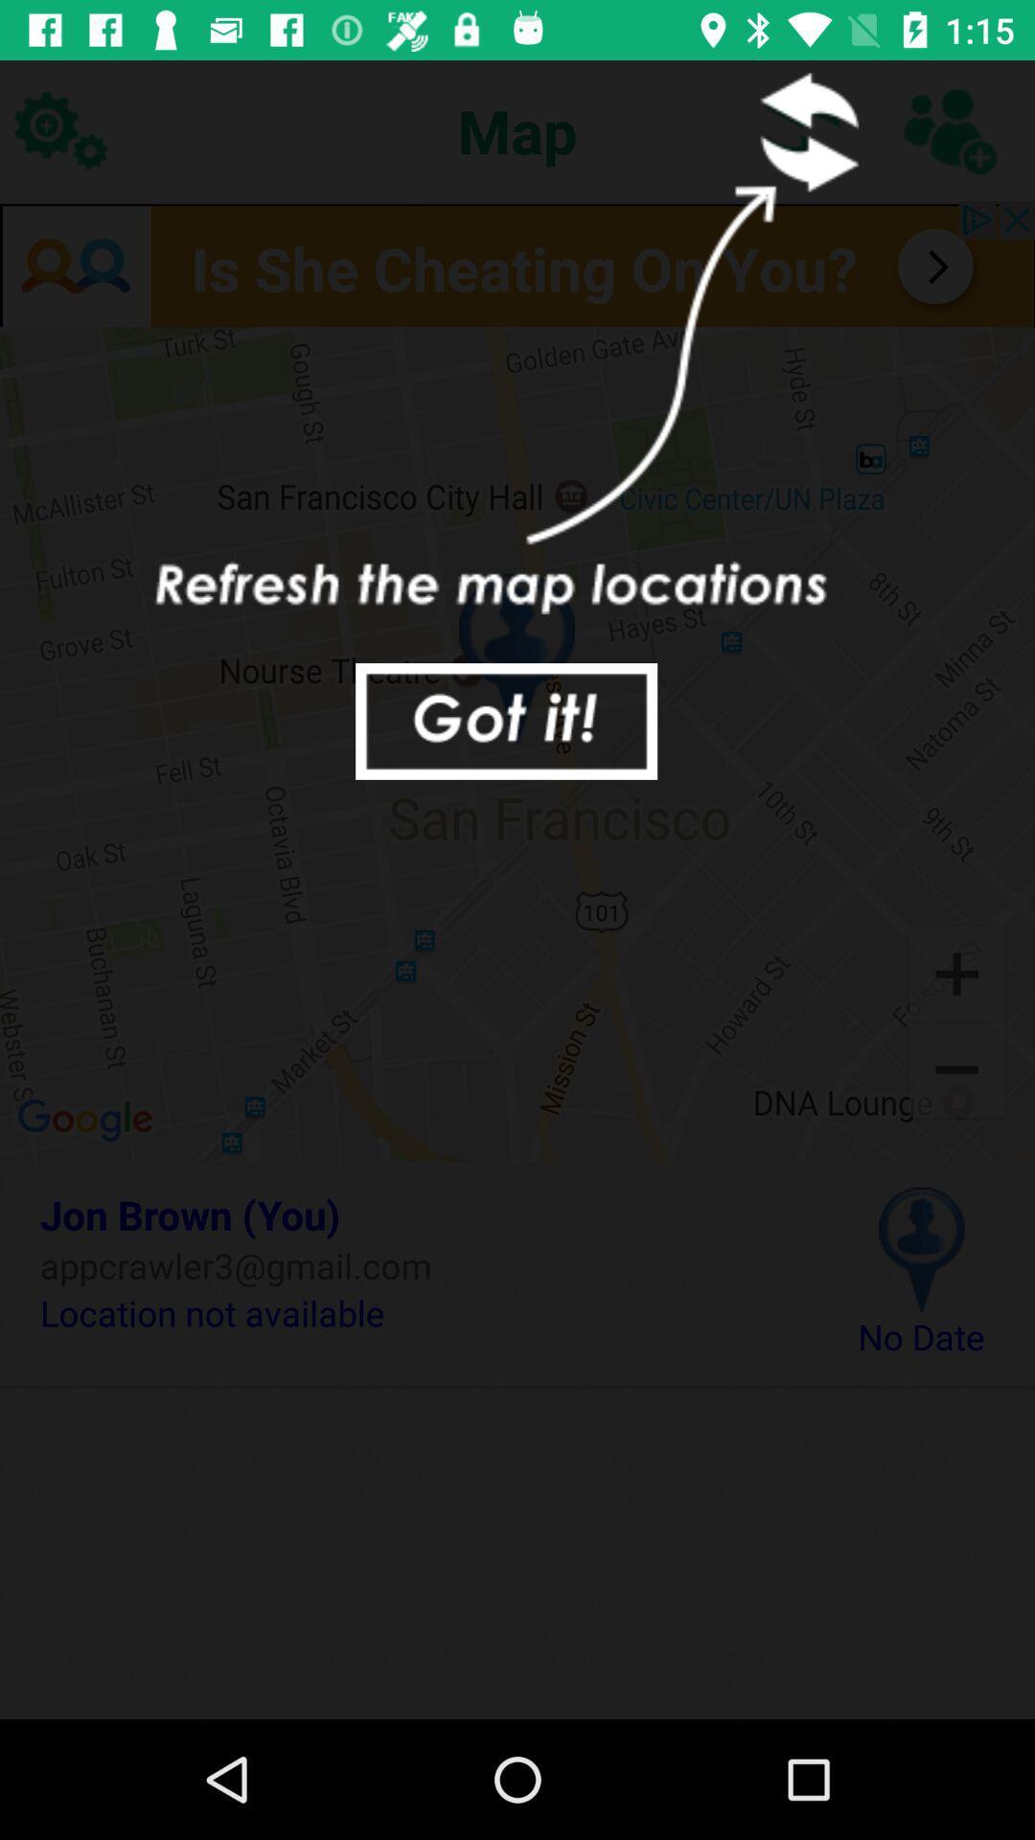 Image resolution: width=1035 pixels, height=1840 pixels. What do you see at coordinates (956, 1071) in the screenshot?
I see `the minus icon` at bounding box center [956, 1071].